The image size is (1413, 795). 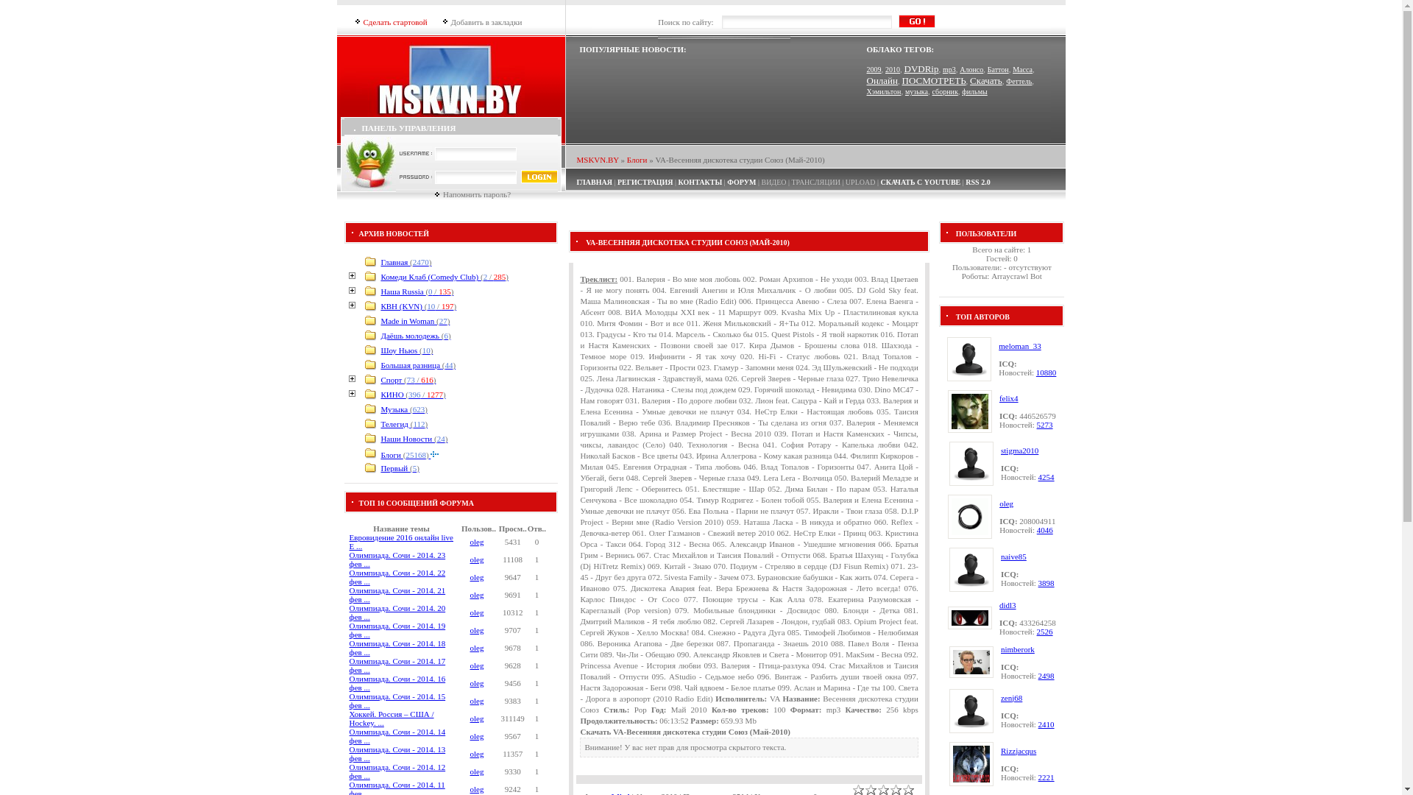 I want to click on 'didl3', so click(x=1007, y=604).